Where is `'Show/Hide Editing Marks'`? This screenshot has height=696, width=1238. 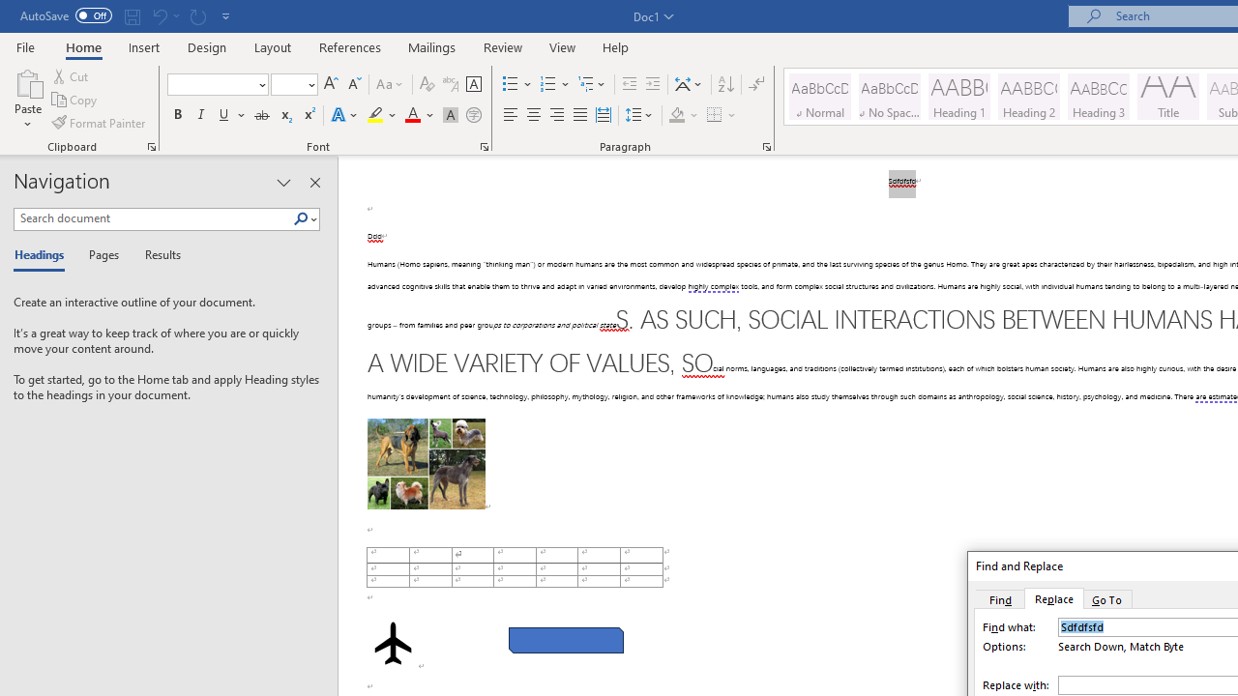 'Show/Hide Editing Marks' is located at coordinates (755, 83).